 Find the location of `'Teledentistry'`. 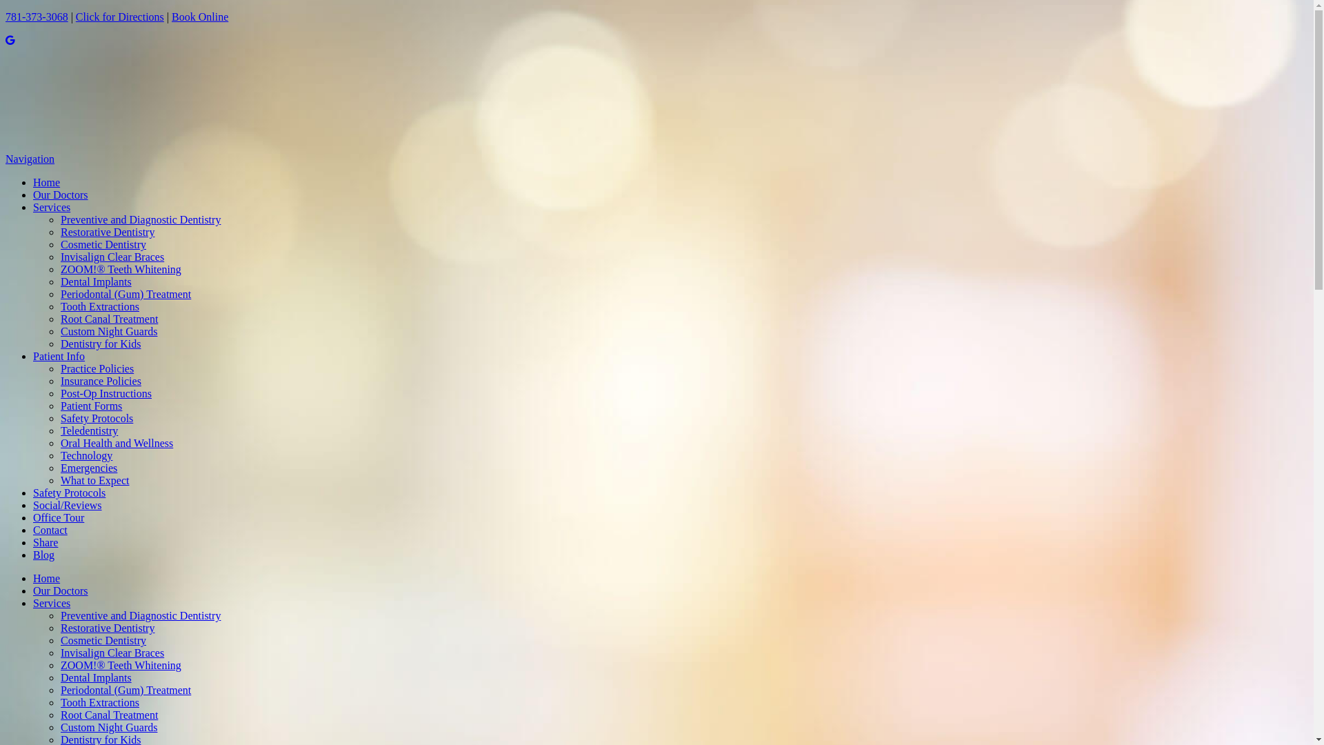

'Teledentistry' is located at coordinates (88, 430).